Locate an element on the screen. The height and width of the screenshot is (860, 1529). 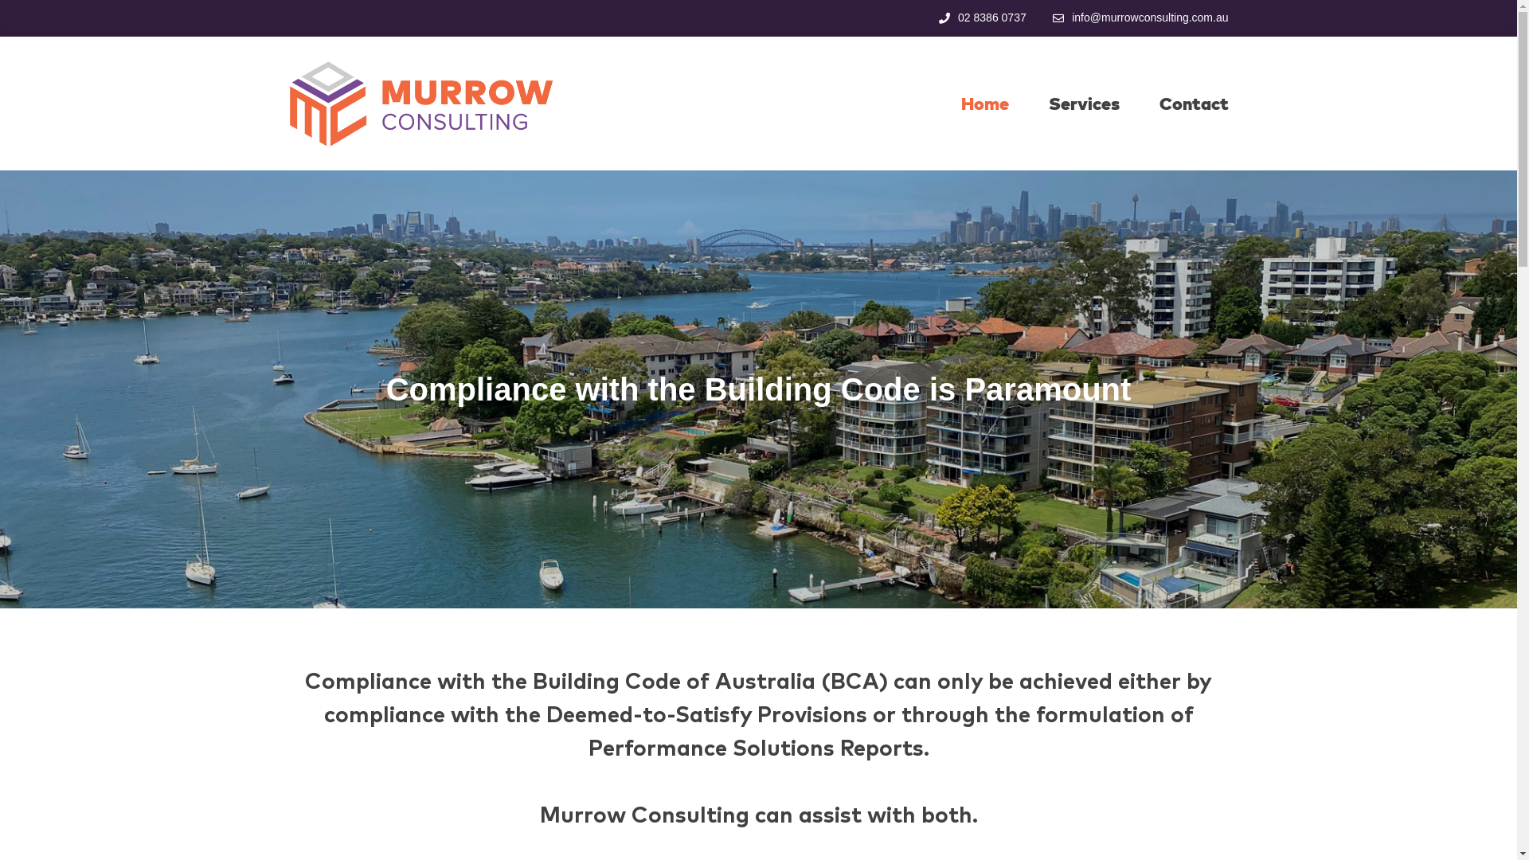
'Services' is located at coordinates (1083, 104).